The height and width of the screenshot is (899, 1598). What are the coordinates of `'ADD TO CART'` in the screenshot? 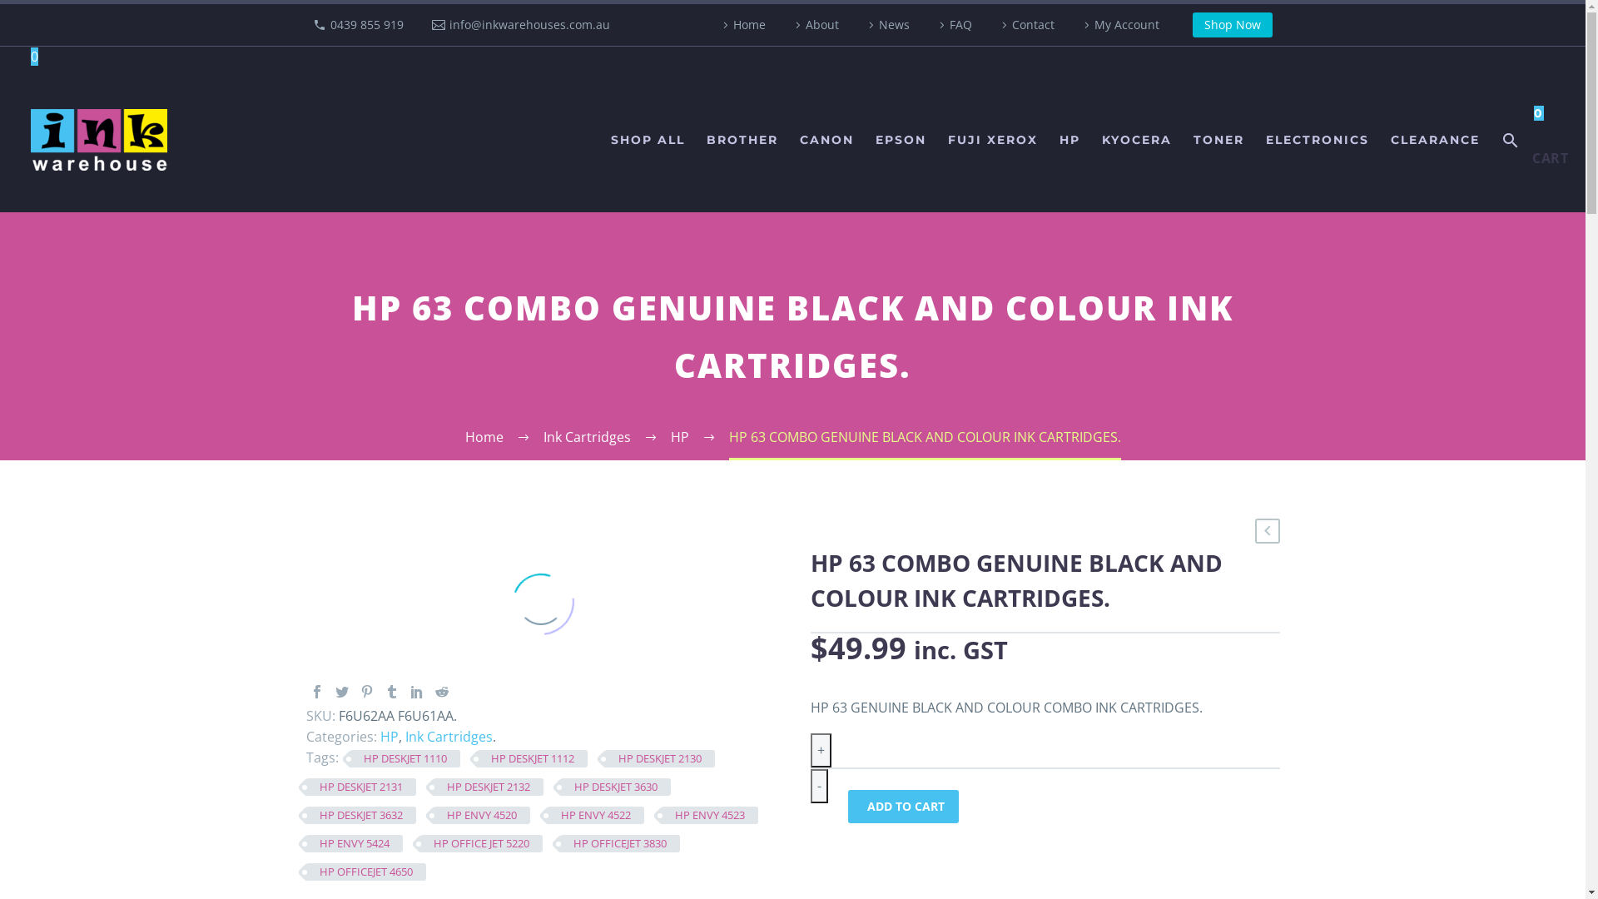 It's located at (901, 805).